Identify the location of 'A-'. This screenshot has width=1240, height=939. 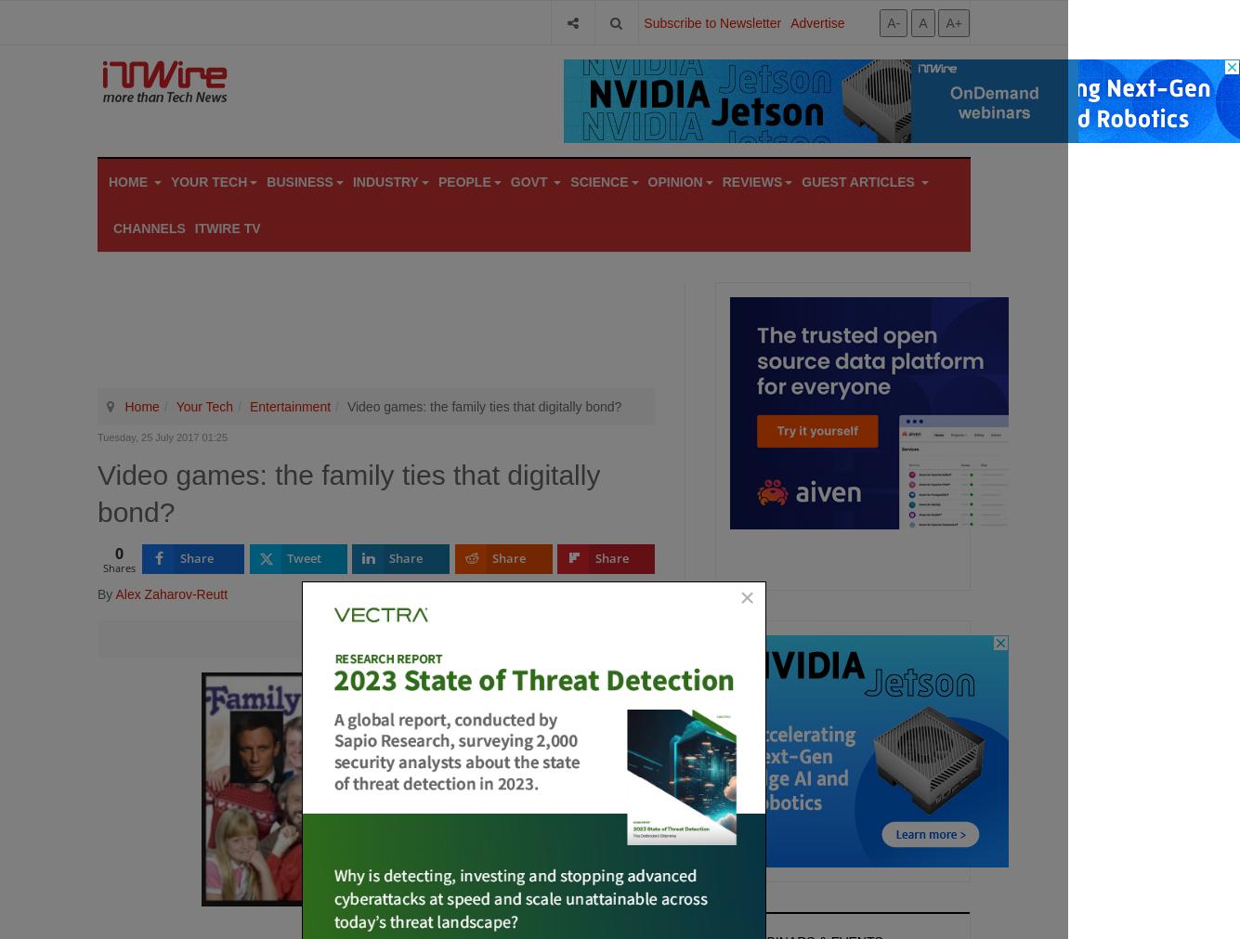
(894, 20).